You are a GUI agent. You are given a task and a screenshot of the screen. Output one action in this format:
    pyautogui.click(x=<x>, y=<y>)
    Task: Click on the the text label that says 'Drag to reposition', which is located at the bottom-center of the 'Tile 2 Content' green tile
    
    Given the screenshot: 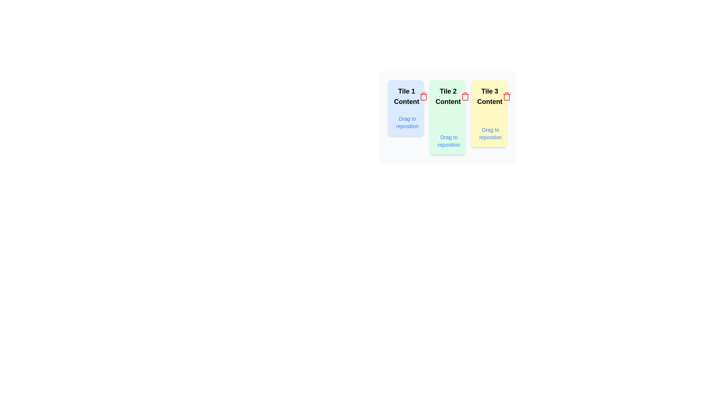 What is the action you would take?
    pyautogui.click(x=449, y=141)
    